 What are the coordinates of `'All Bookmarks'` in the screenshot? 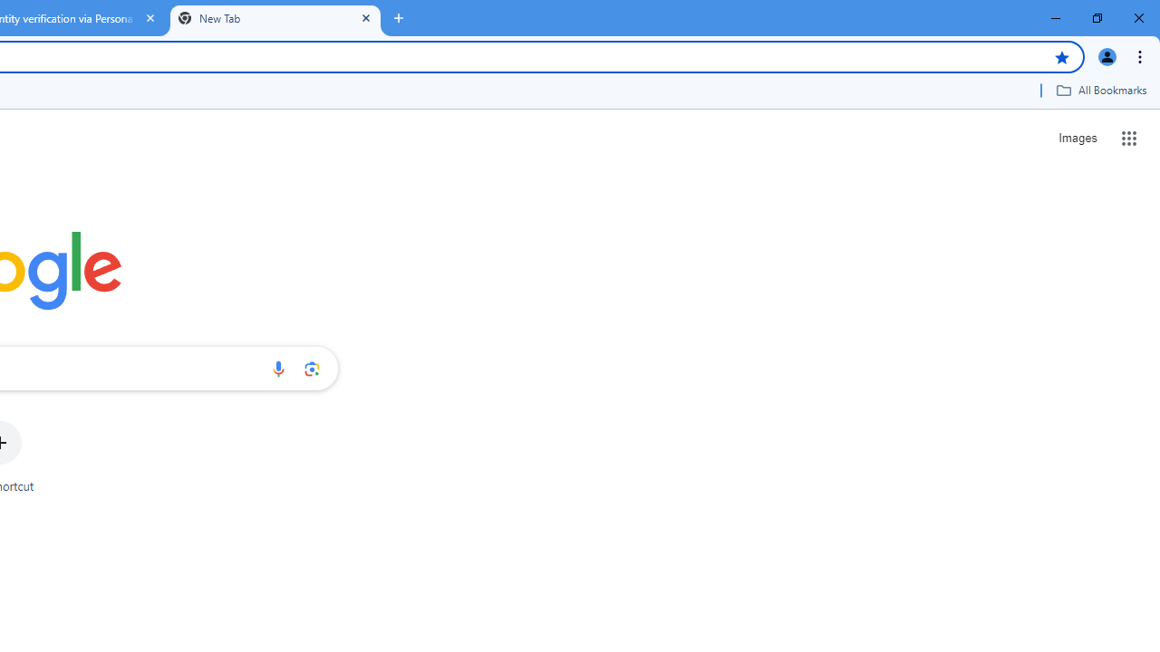 It's located at (1100, 90).